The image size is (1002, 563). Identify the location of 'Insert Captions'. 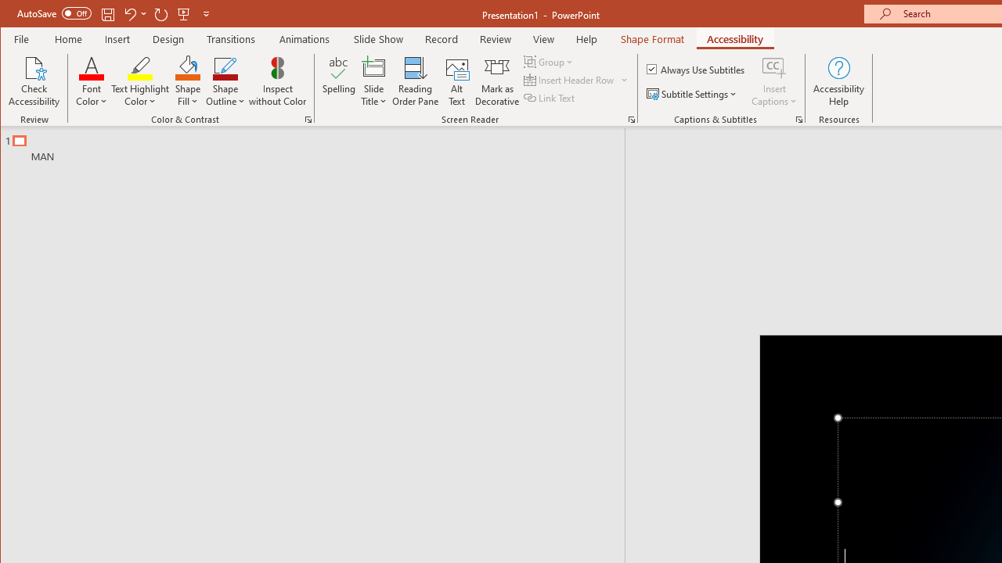
(774, 66).